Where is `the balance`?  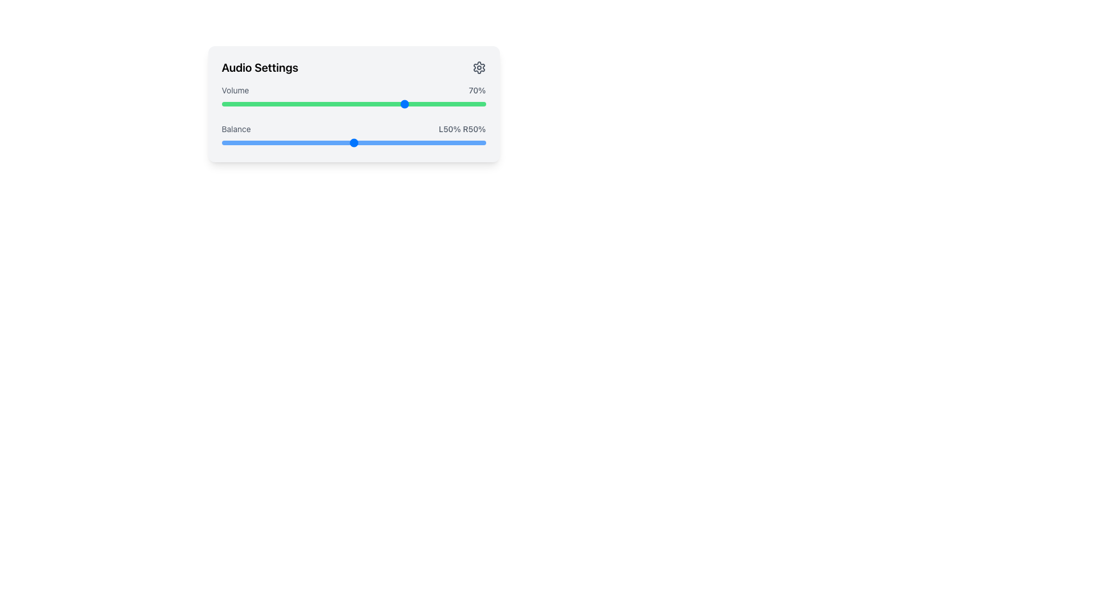
the balance is located at coordinates (266, 142).